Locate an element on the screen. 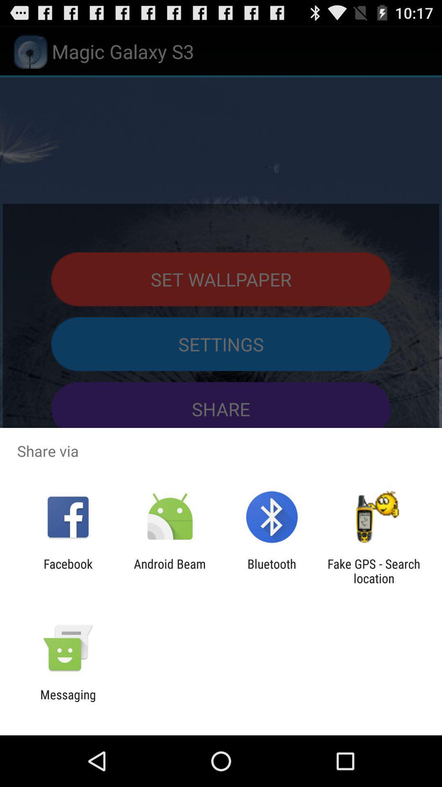 Image resolution: width=442 pixels, height=787 pixels. the app to the right of the android beam item is located at coordinates (272, 571).